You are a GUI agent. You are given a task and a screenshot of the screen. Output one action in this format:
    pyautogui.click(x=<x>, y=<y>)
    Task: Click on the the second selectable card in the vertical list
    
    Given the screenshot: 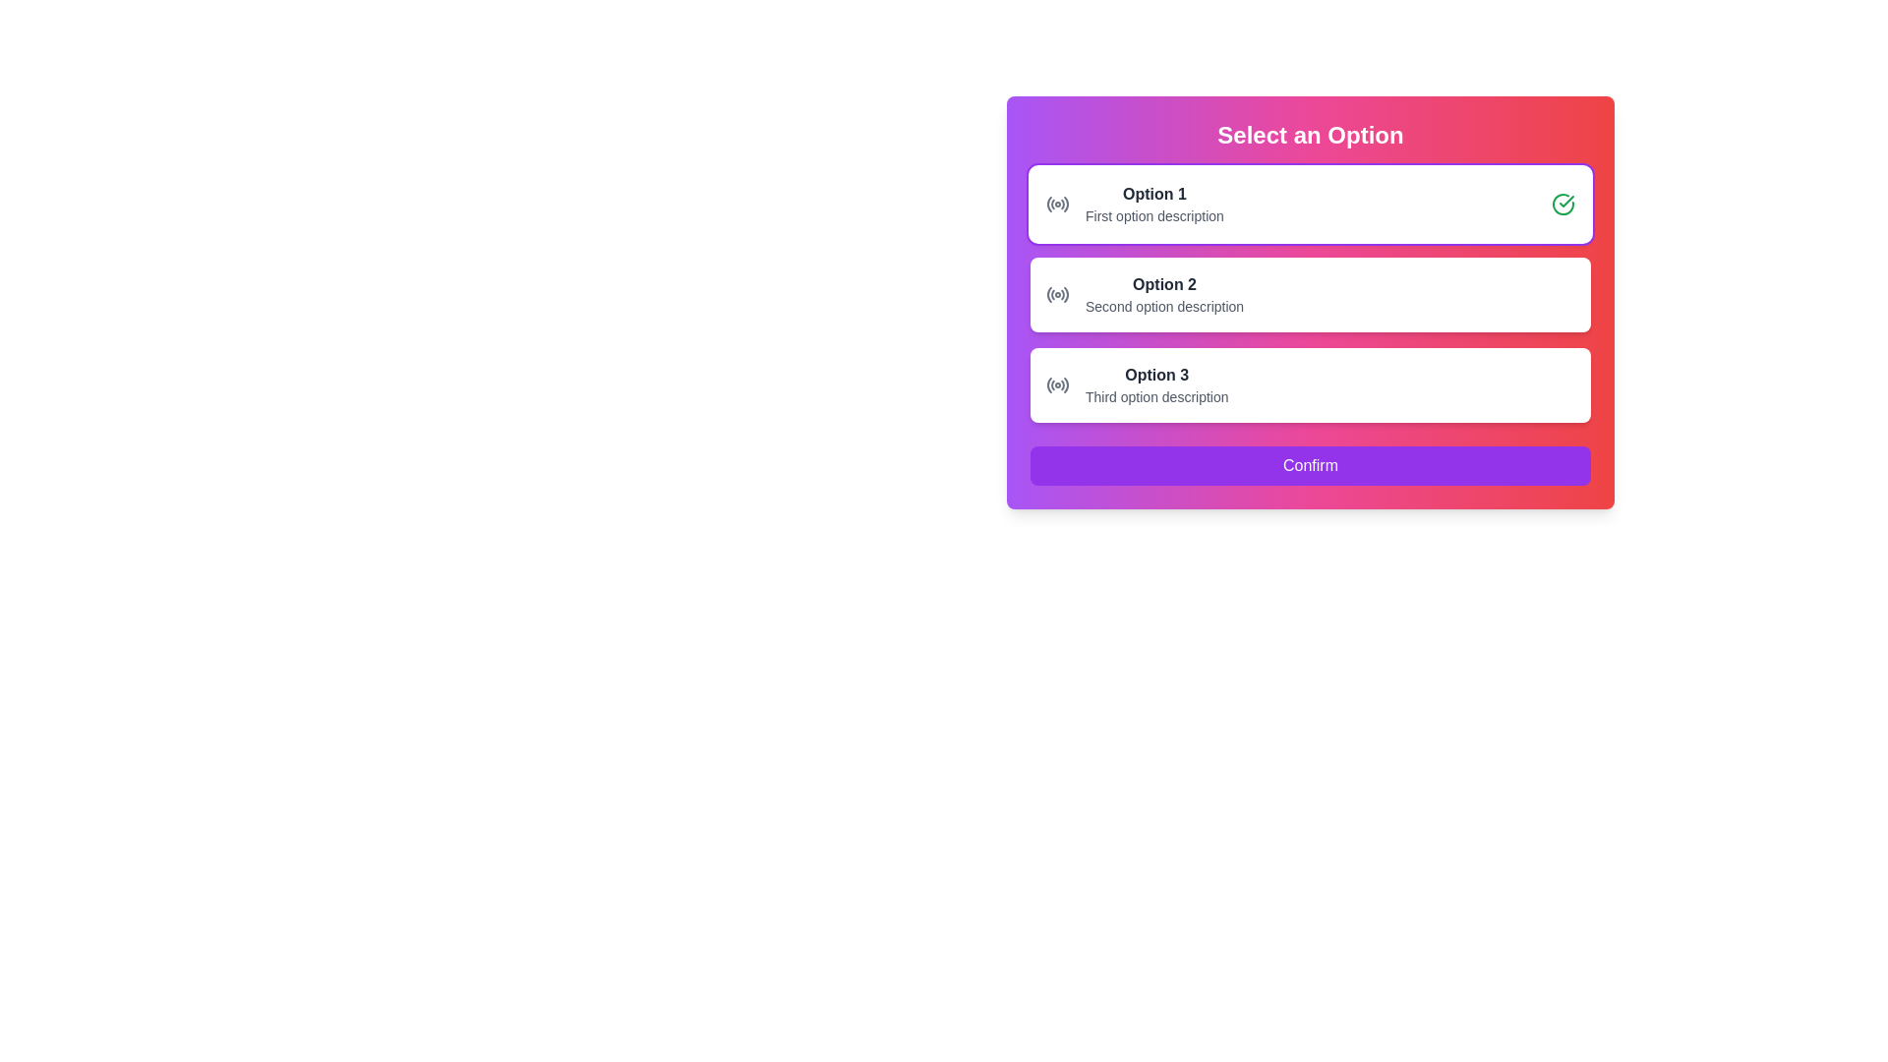 What is the action you would take?
    pyautogui.click(x=1311, y=295)
    